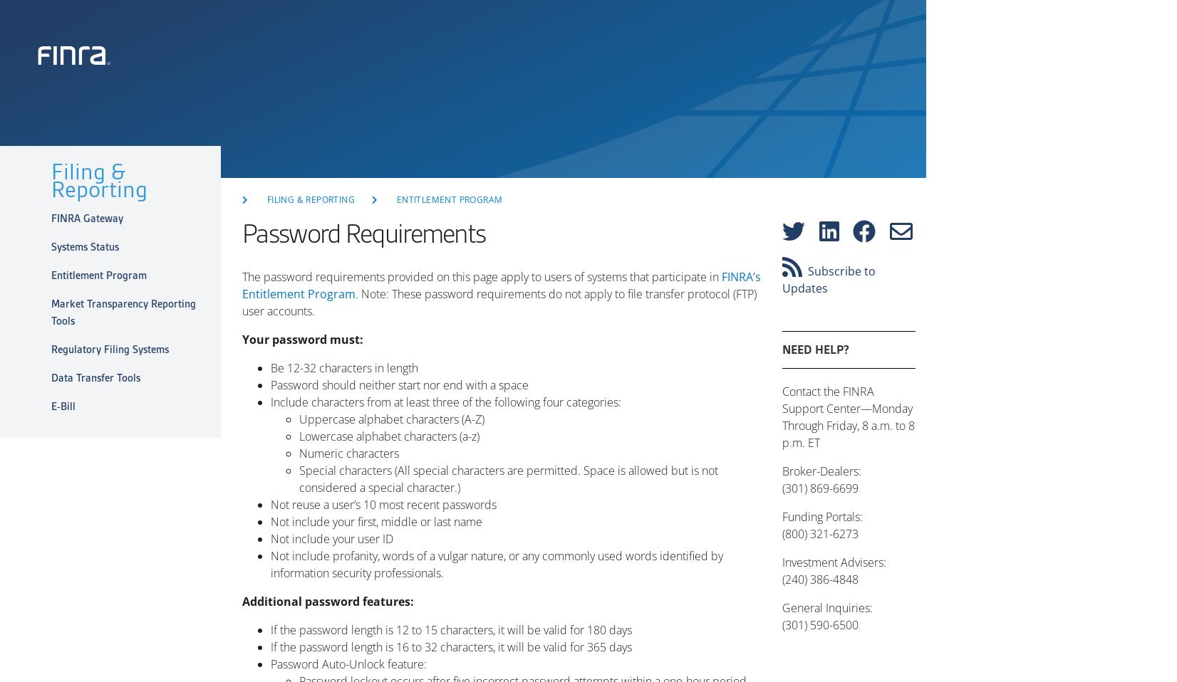 The image size is (1177, 682). I want to click on 'If the password length is 12 to 15 characters, it will be valid for 180 days', so click(451, 630).